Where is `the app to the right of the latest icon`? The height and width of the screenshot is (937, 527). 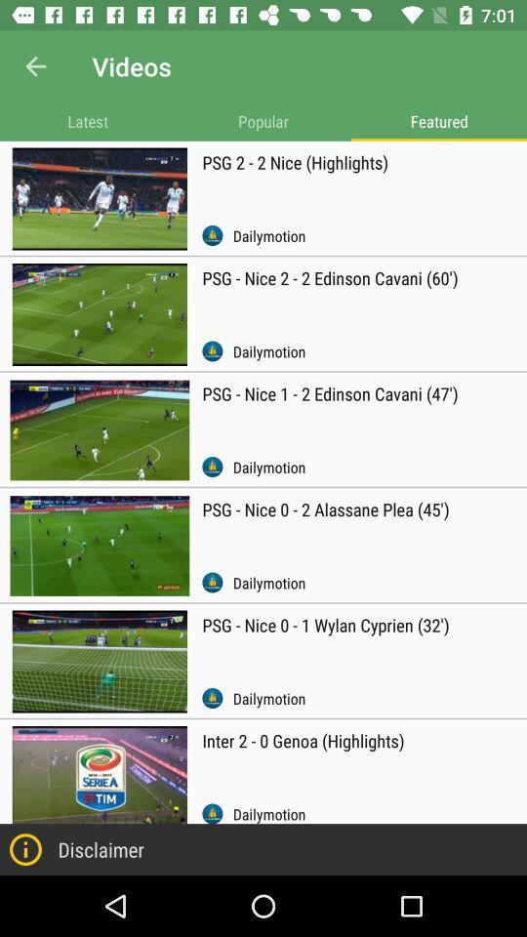
the app to the right of the latest icon is located at coordinates (263, 120).